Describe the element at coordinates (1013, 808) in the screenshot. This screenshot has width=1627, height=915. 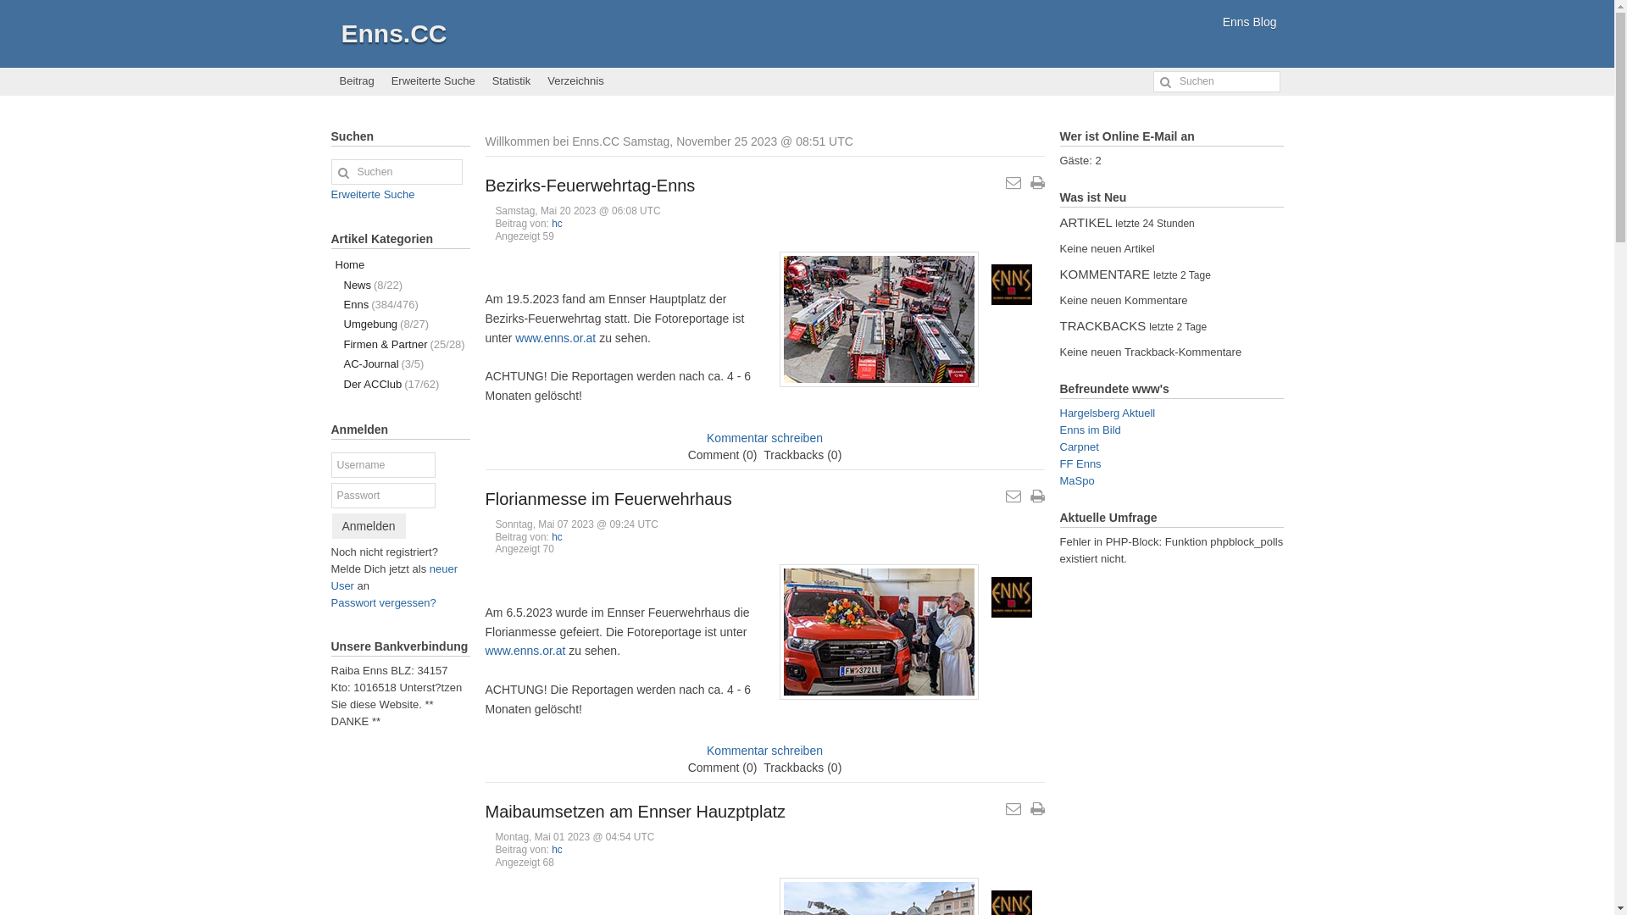
I see `'An einen Freund schicken'` at that location.